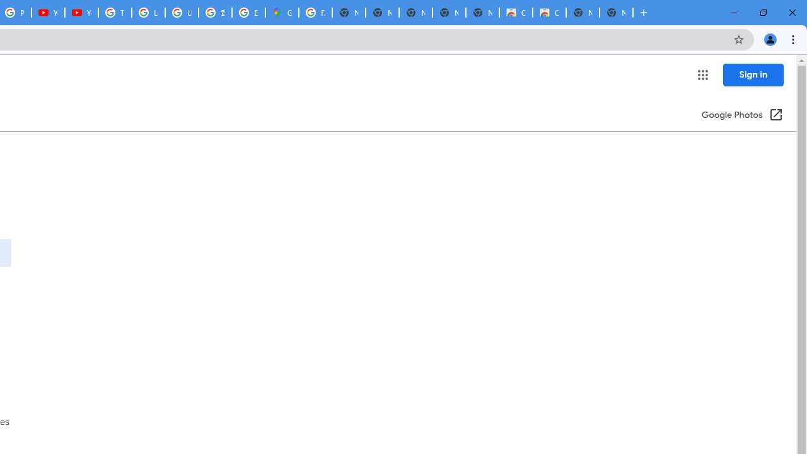 This screenshot has width=807, height=454. What do you see at coordinates (48, 13) in the screenshot?
I see `'YouTube'` at bounding box center [48, 13].